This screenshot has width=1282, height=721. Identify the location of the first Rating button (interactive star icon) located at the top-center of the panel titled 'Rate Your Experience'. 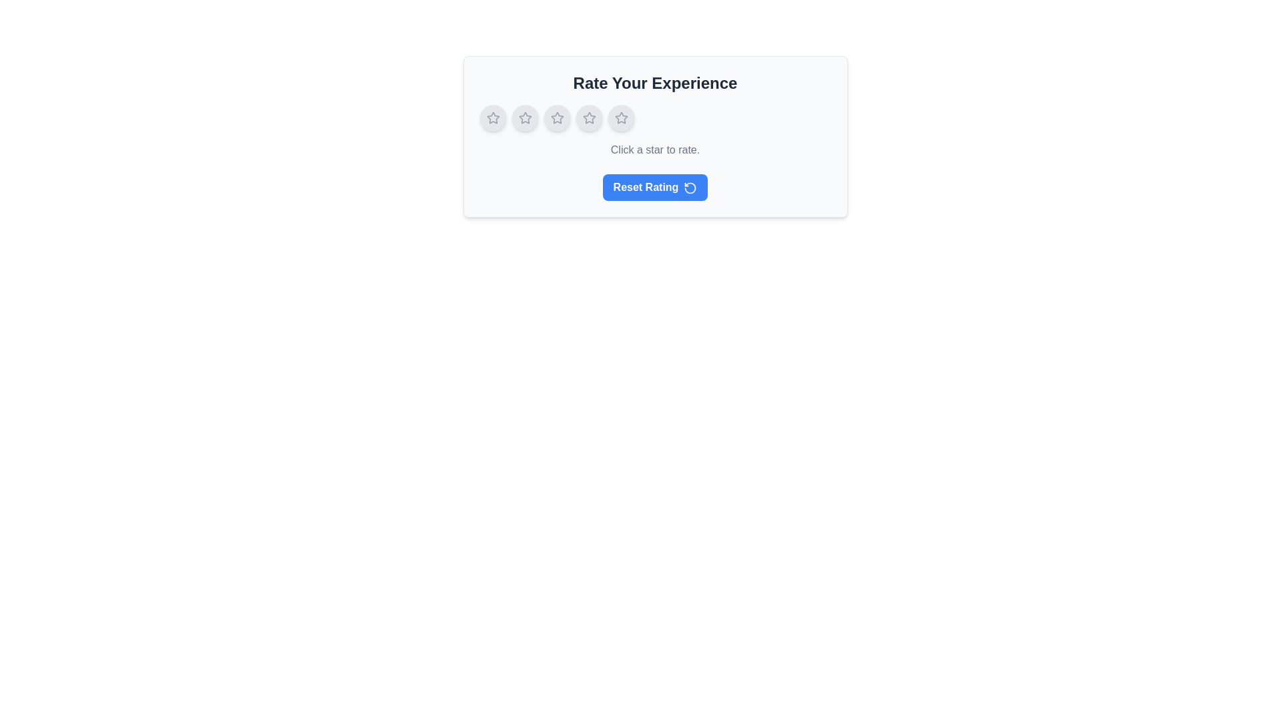
(492, 117).